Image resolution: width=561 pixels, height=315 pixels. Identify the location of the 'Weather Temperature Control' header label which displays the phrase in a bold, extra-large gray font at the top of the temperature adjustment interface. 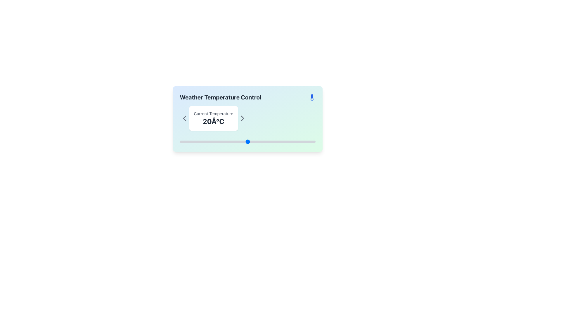
(220, 97).